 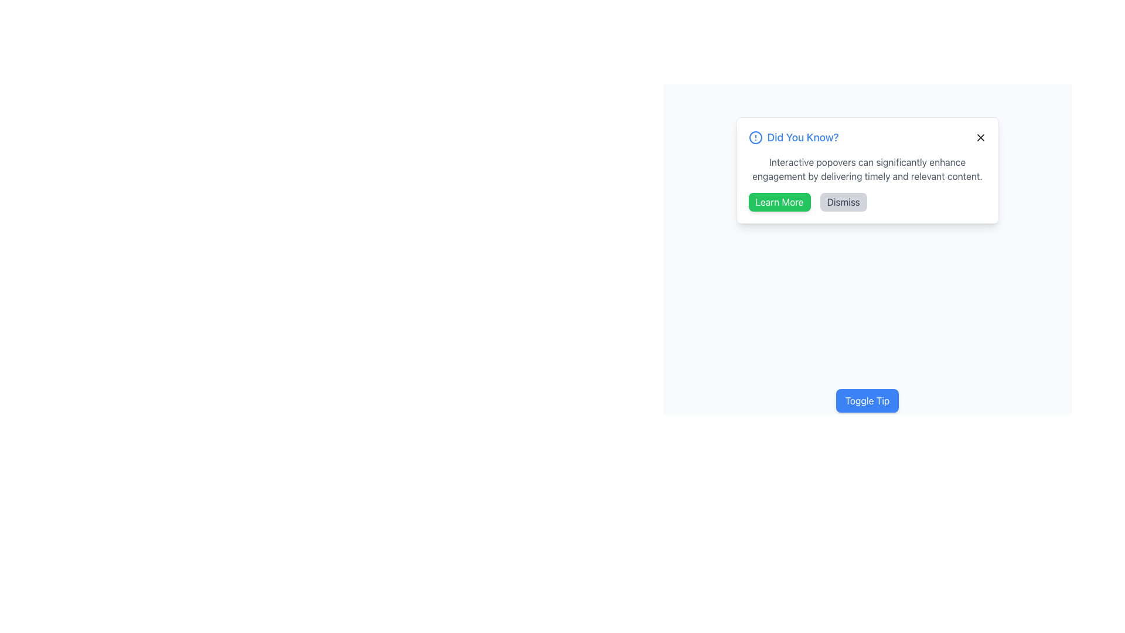 I want to click on the 'Dismiss' button located in the bottom-most part of the modal dialog box titled 'Did You Know?', which contains two horizontally aligned buttons: a green 'Learn More' button and a gray 'Dismiss' button, so click(x=867, y=201).